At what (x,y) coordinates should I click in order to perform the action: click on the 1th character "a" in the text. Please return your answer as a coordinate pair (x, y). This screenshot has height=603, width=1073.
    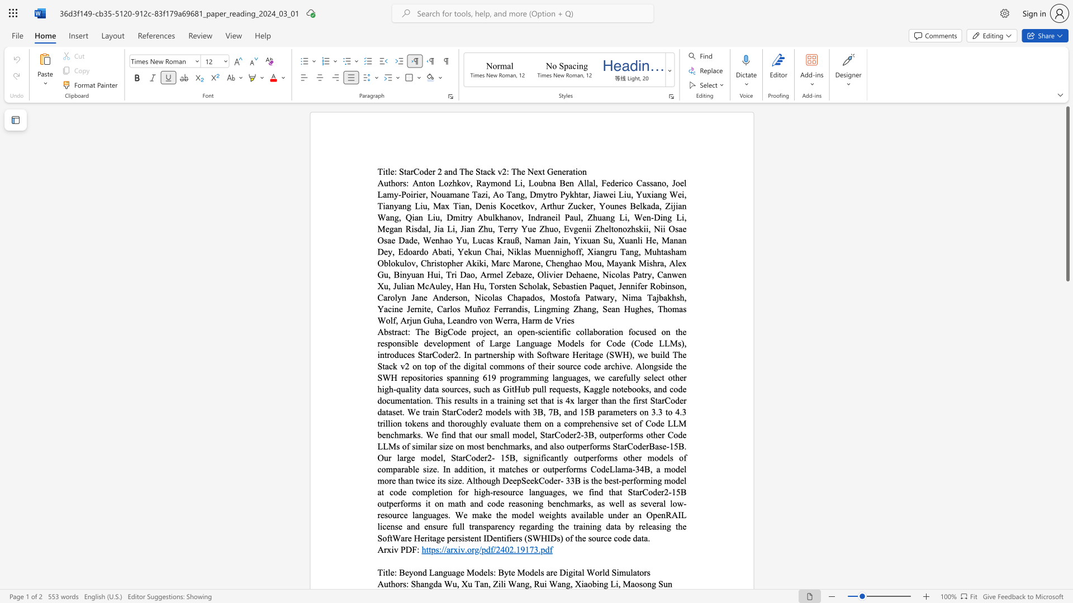
    Looking at the image, I should click on (585, 583).